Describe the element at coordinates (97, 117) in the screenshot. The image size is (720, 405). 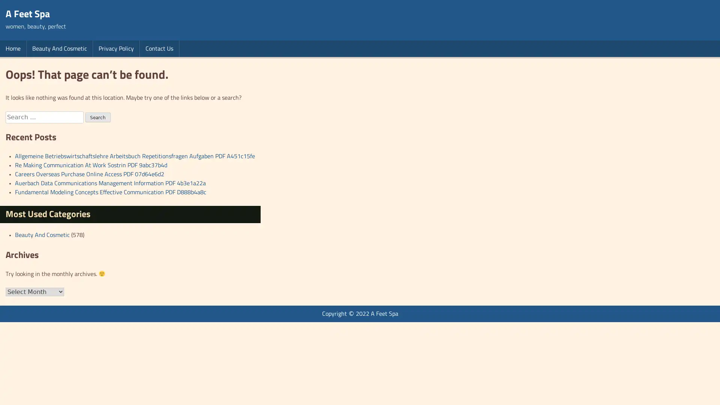
I see `Search` at that location.